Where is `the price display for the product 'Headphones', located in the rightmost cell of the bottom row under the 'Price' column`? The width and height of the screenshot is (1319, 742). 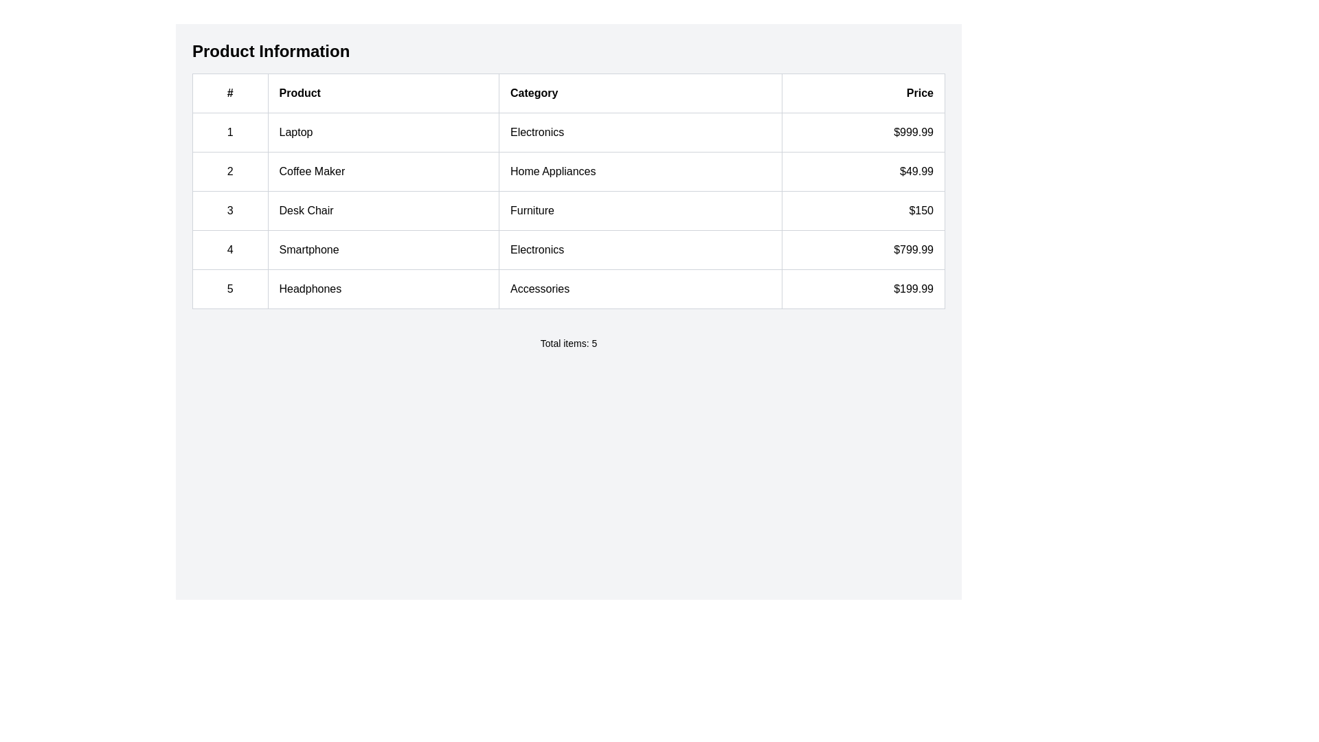
the price display for the product 'Headphones', located in the rightmost cell of the bottom row under the 'Price' column is located at coordinates (862, 288).